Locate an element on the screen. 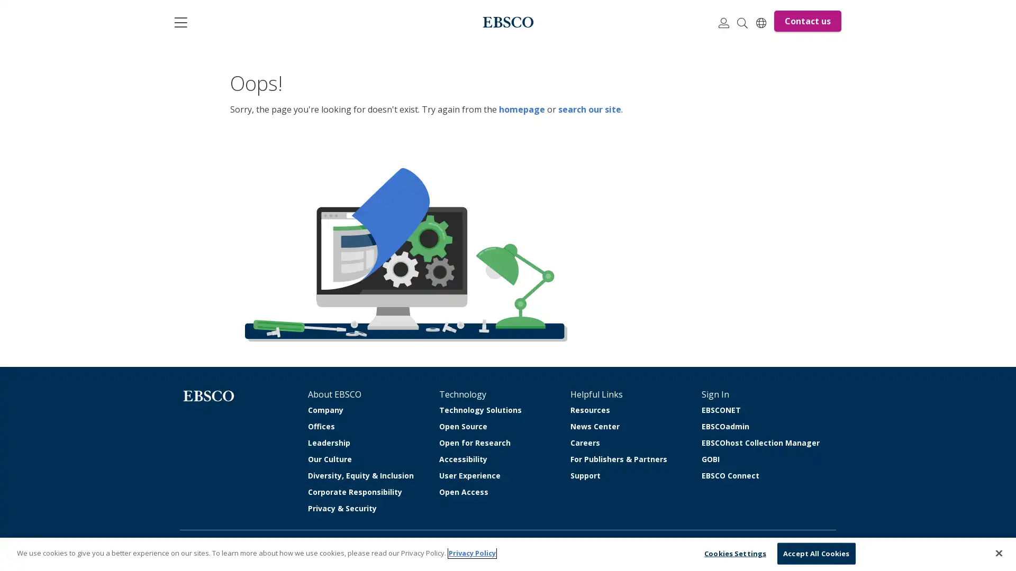  Close is located at coordinates (998, 552).